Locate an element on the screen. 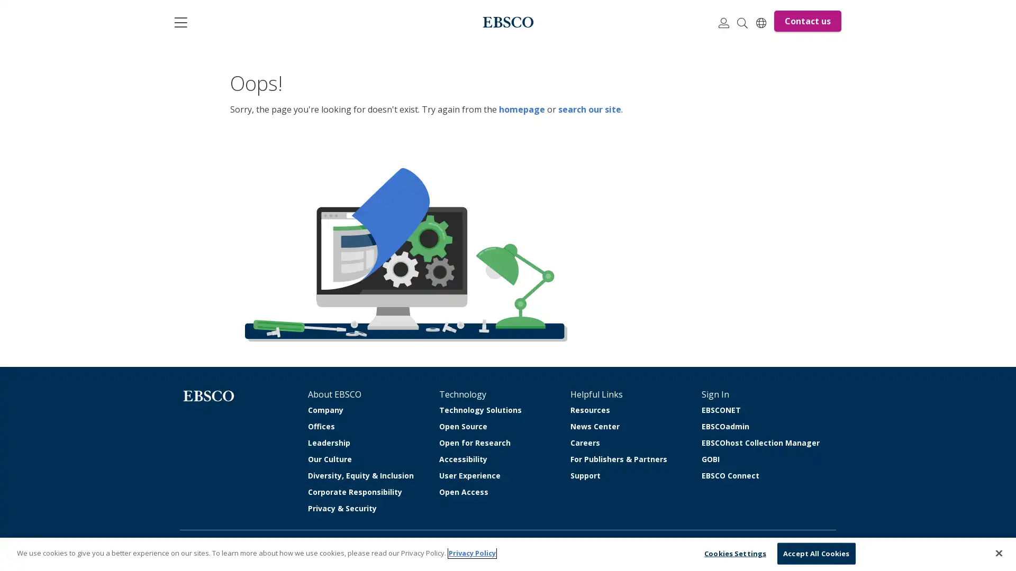  Close is located at coordinates (998, 552).